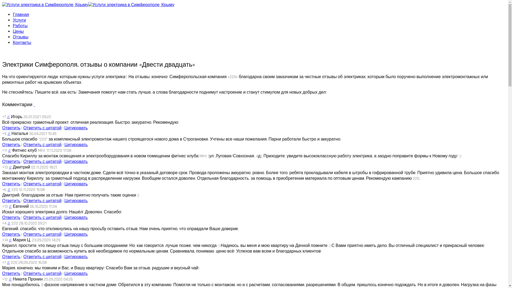  What do you see at coordinates (9, 189) in the screenshot?
I see `'#'` at bounding box center [9, 189].